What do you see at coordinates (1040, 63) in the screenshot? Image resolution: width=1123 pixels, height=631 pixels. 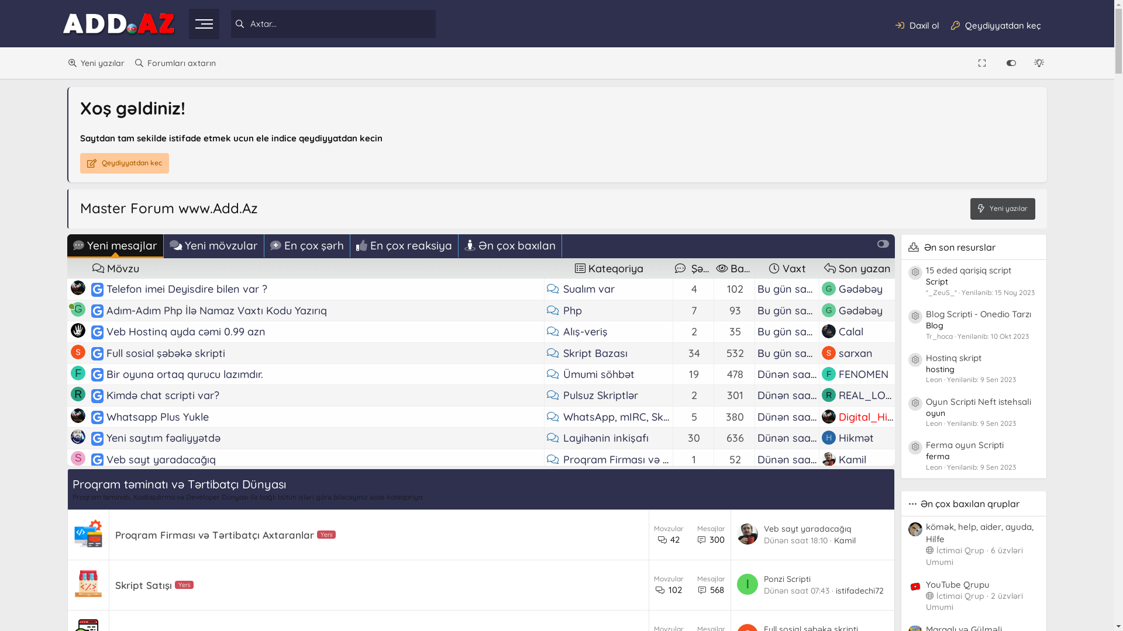 I see `'Night Mode'` at bounding box center [1040, 63].